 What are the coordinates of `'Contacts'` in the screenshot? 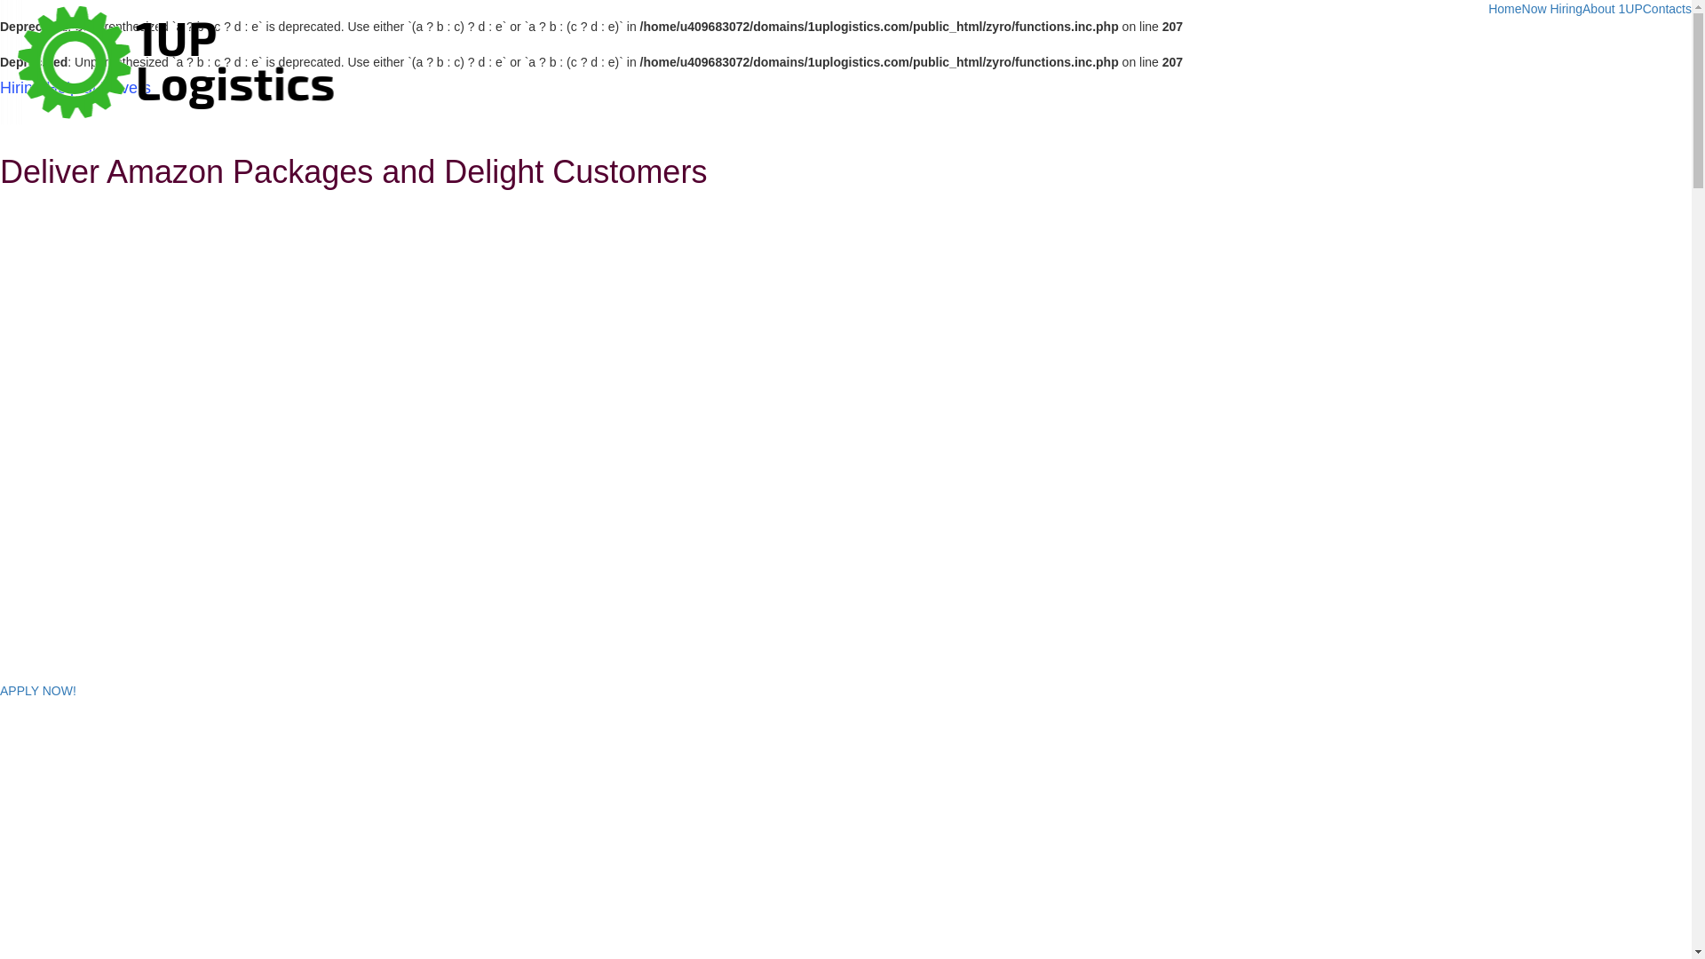 It's located at (1666, 9).